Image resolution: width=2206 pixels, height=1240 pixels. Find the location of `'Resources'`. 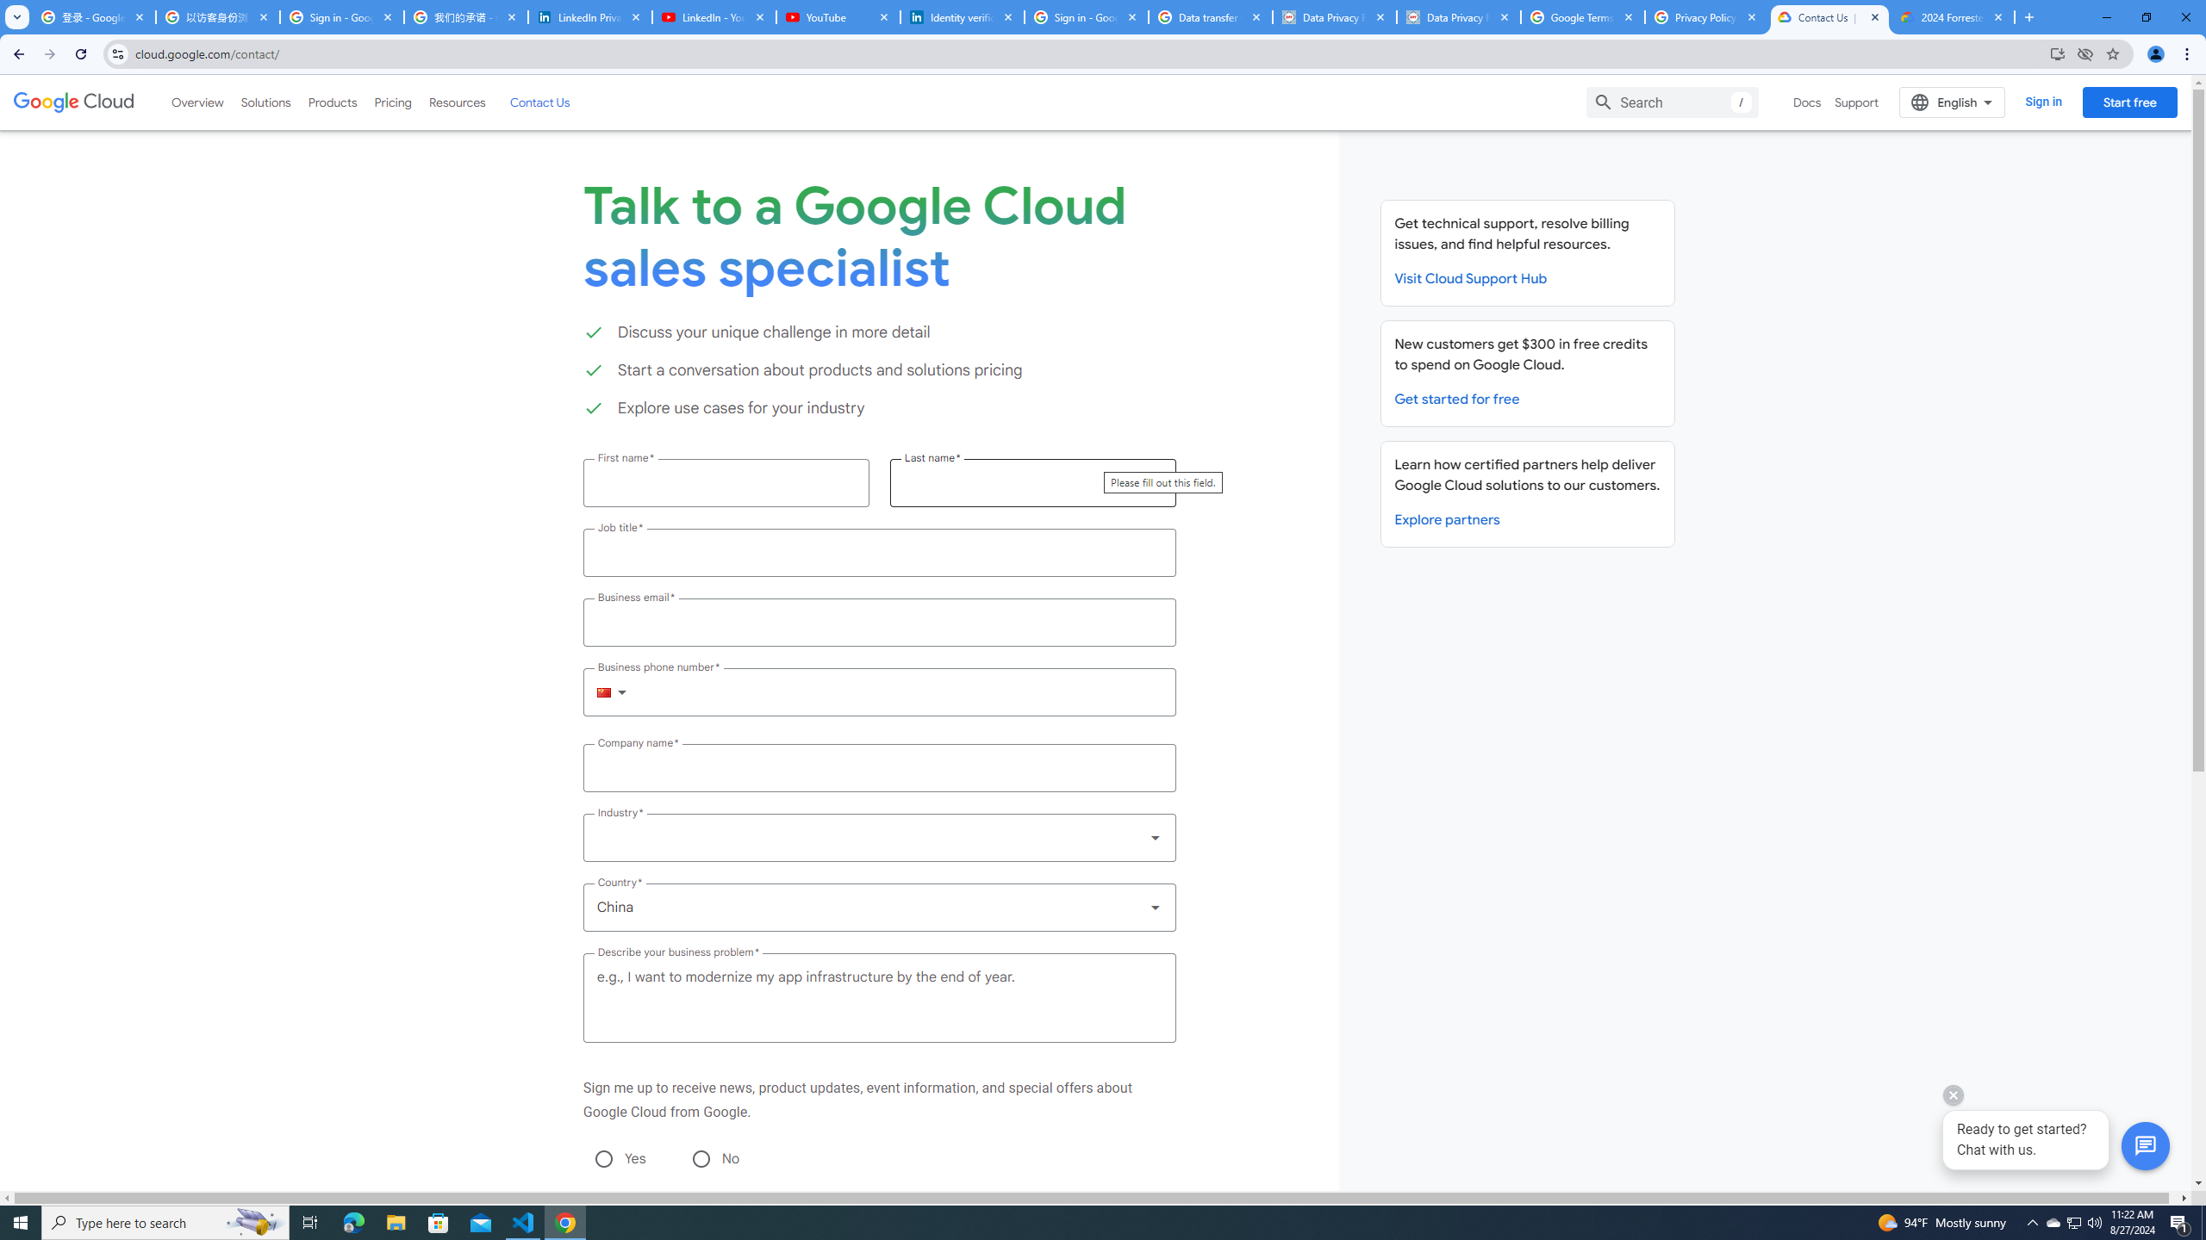

'Resources' is located at coordinates (456, 102).